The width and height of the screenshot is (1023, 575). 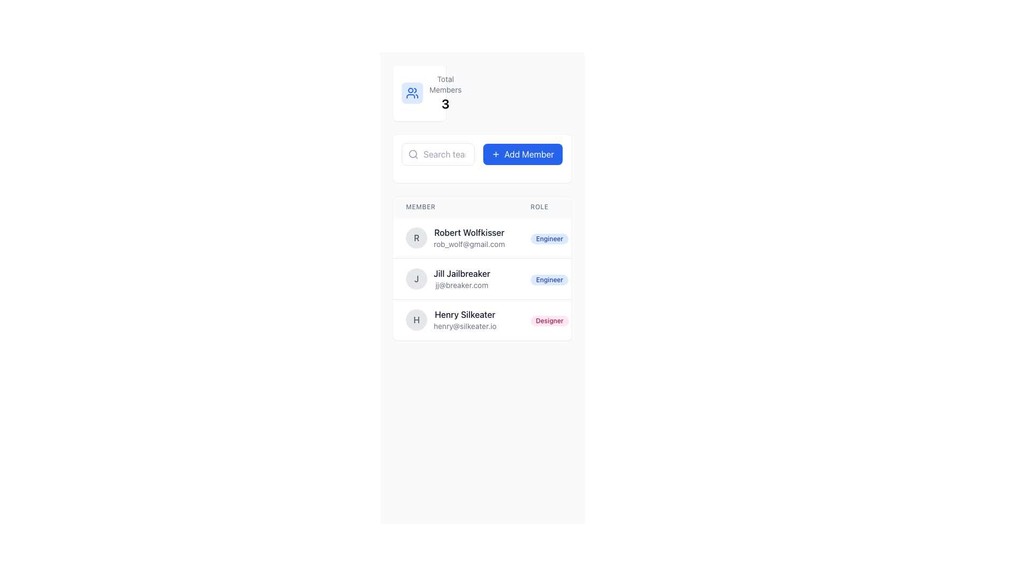 I want to click on the third list item representing a user profile for context menu options, so click(x=455, y=319).